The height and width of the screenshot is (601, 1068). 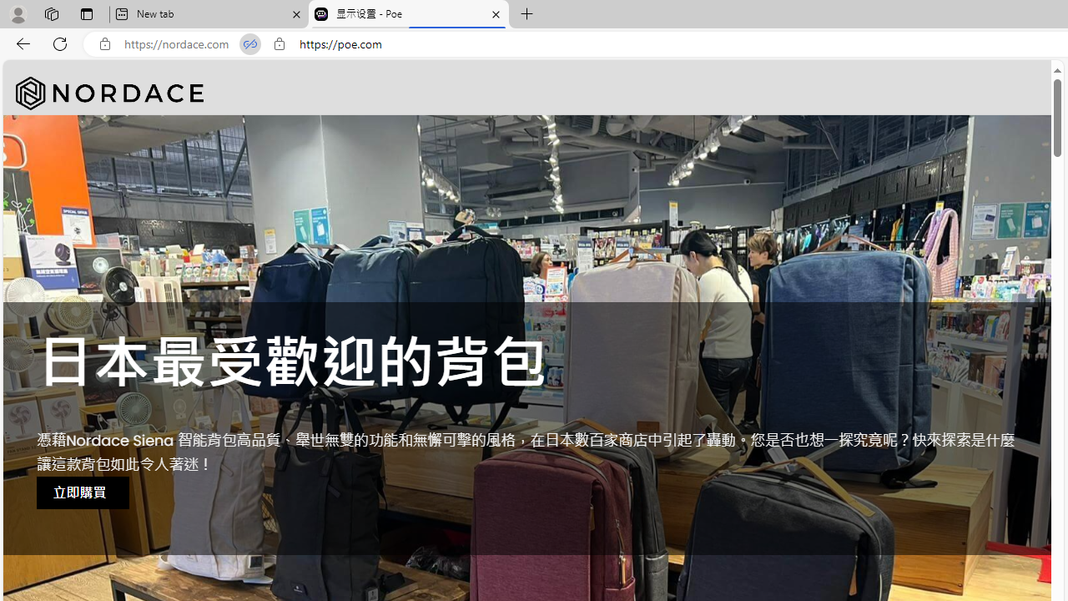 What do you see at coordinates (249, 43) in the screenshot?
I see `'Tabs in split screen'` at bounding box center [249, 43].